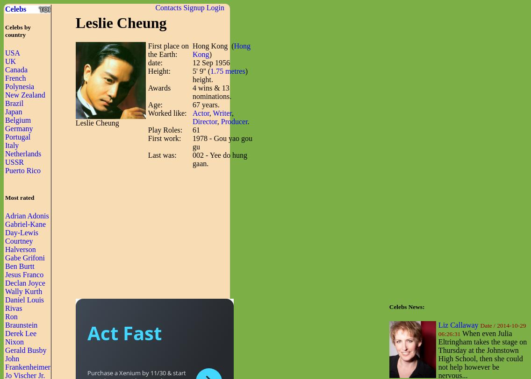  Describe the element at coordinates (458, 325) in the screenshot. I see `'Liz Callaway'` at that location.